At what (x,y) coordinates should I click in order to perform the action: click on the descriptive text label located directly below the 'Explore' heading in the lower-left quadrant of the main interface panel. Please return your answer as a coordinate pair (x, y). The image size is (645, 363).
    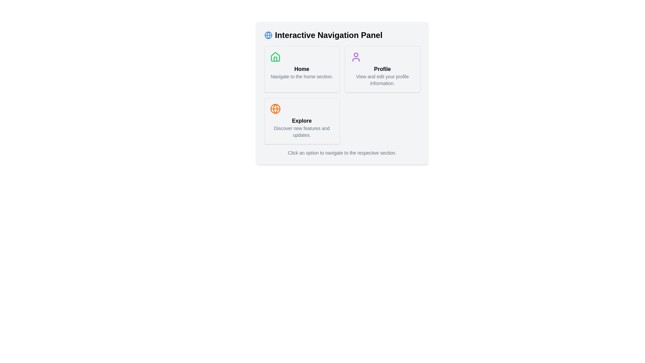
    Looking at the image, I should click on (301, 132).